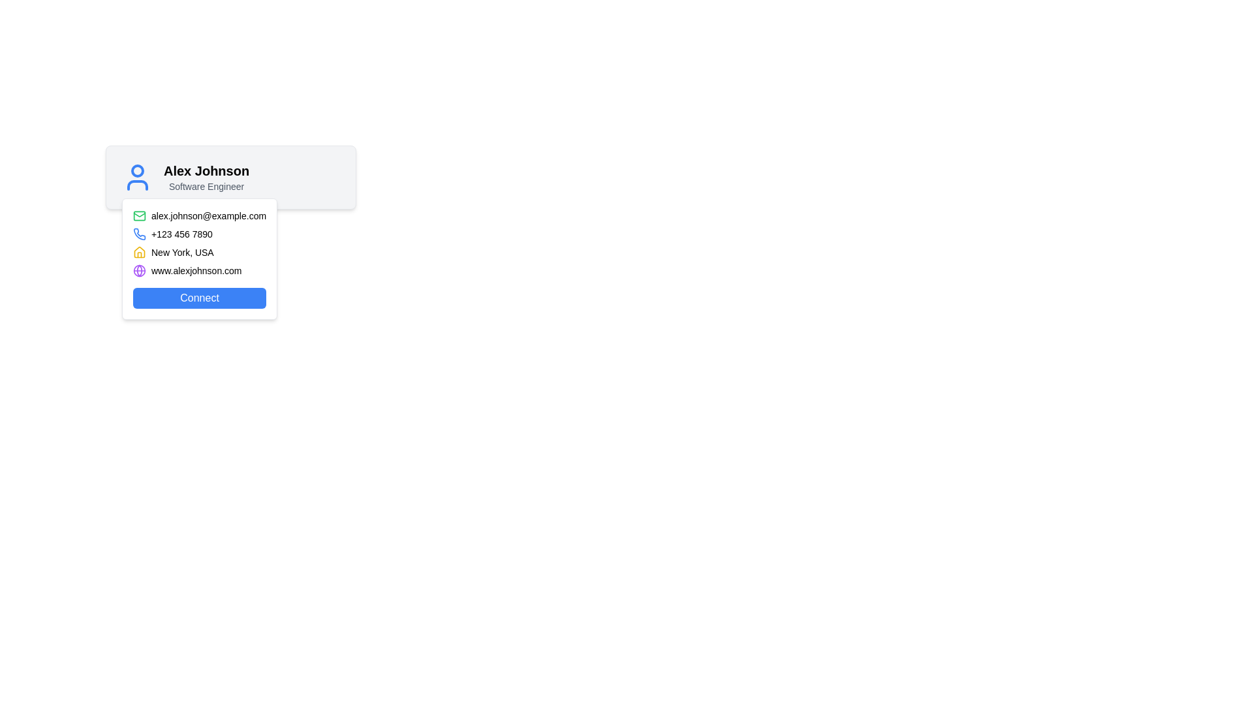  I want to click on the user profile icon located to the left of the text 'Alex Johnson' and 'Software Engineer', so click(138, 178).